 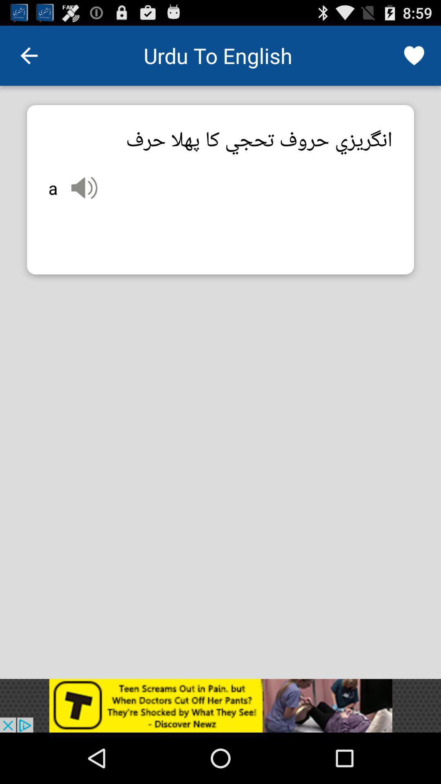 What do you see at coordinates (84, 201) in the screenshot?
I see `the volume icon` at bounding box center [84, 201].